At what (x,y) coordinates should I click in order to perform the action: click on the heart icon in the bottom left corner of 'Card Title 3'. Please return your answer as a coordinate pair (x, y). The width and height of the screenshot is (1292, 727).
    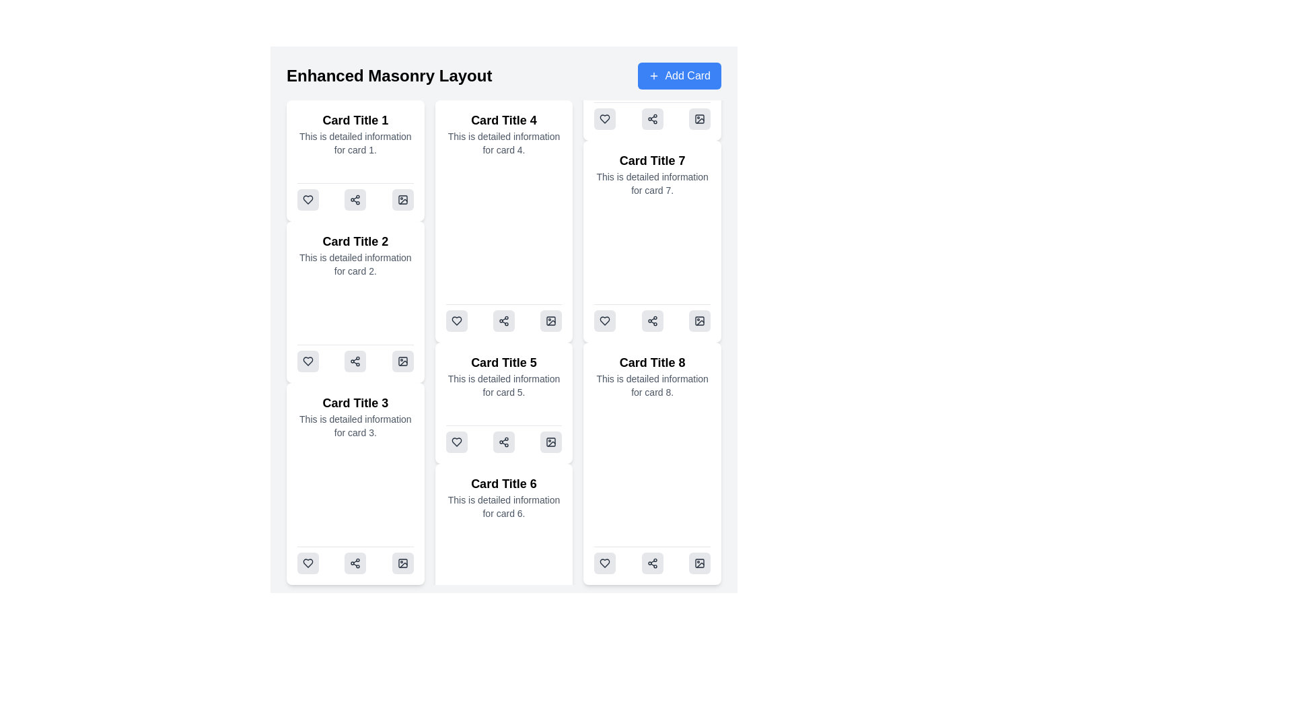
    Looking at the image, I should click on (307, 563).